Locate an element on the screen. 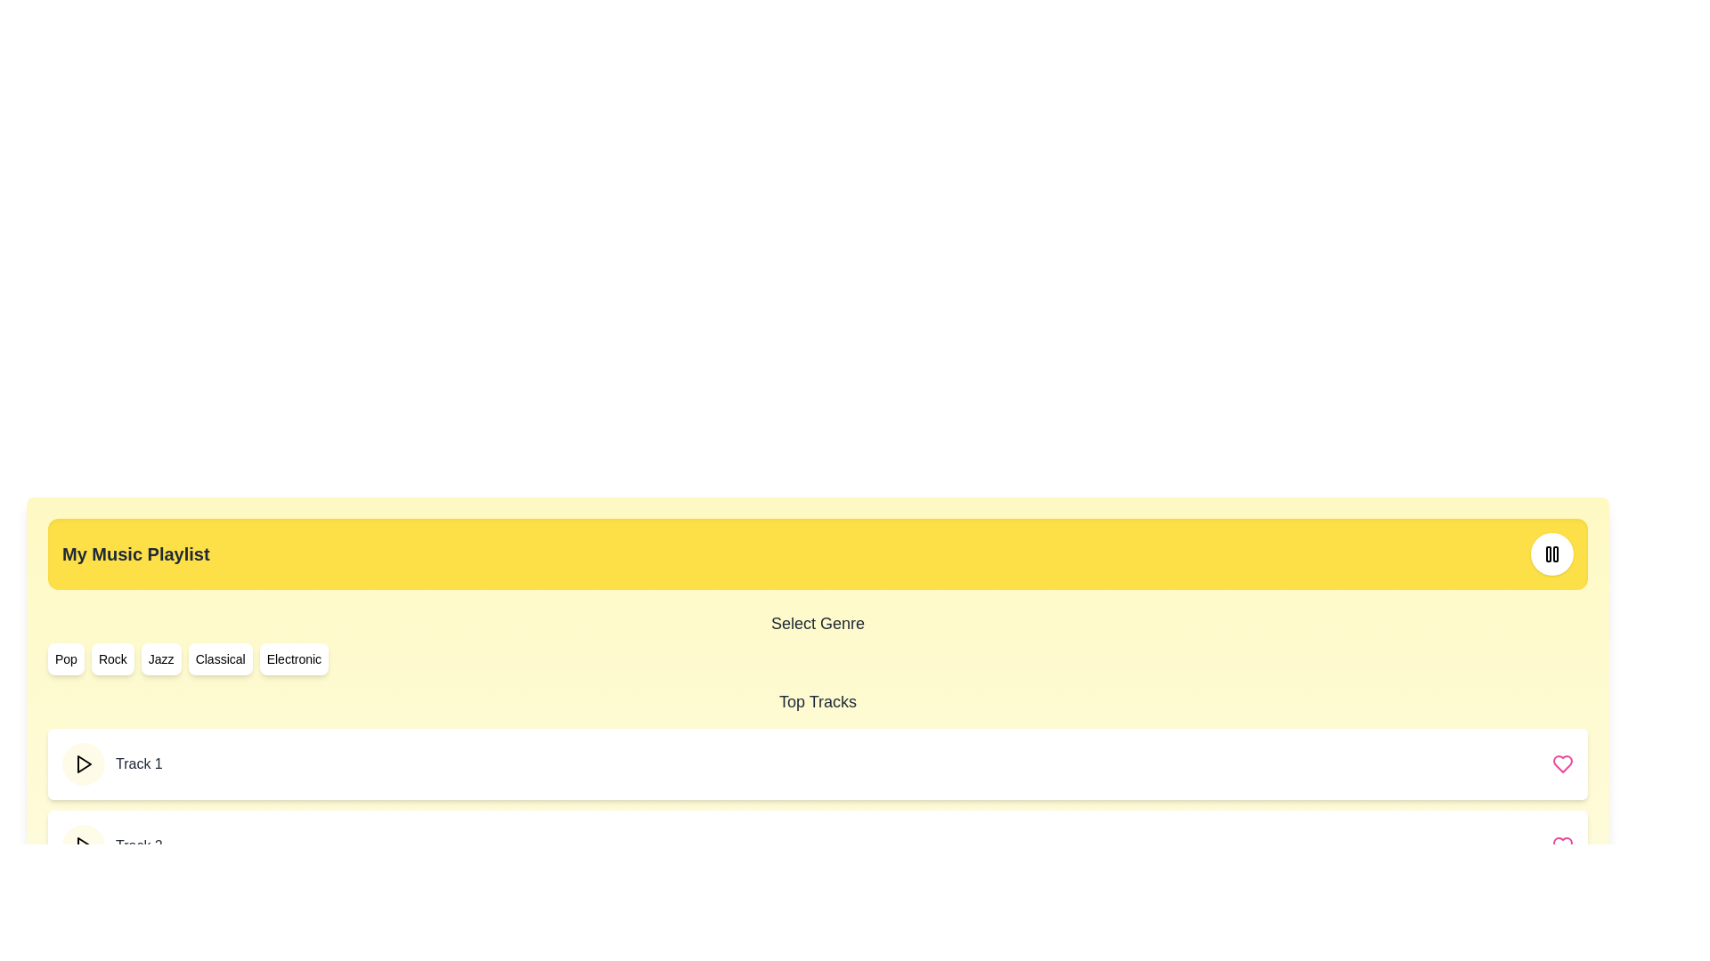 The image size is (1710, 961). the heart-shaped icon with a pink outline to favorite the track in the playlist interface for 'Track 1' is located at coordinates (1562, 763).